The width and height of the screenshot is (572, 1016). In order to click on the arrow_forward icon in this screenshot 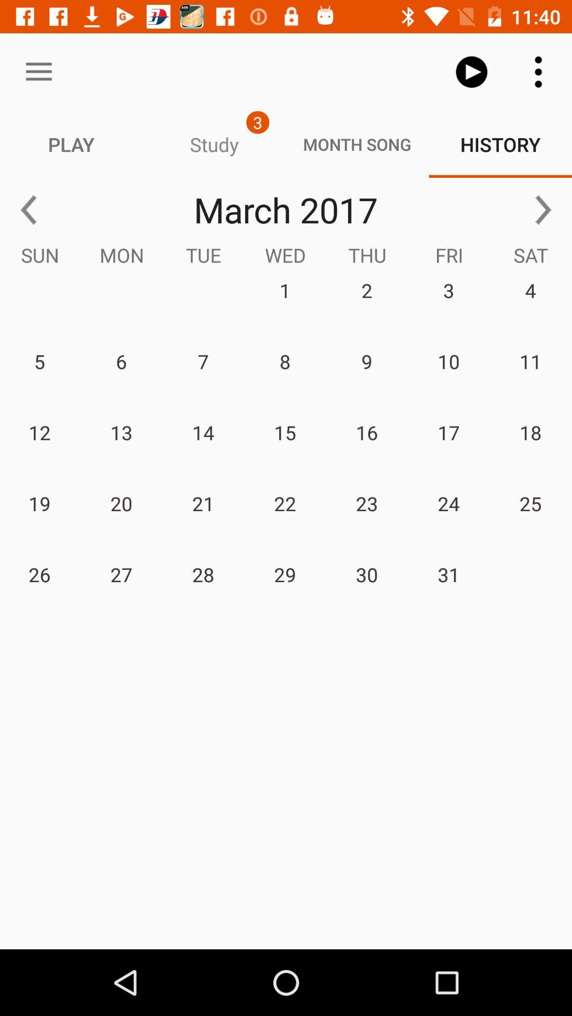, I will do `click(543, 210)`.